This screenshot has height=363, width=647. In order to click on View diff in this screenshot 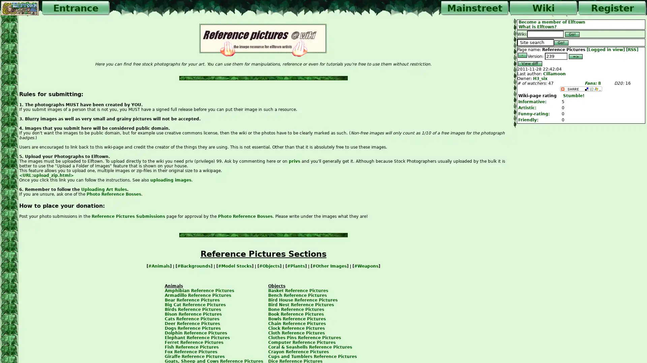, I will do `click(529, 64)`.